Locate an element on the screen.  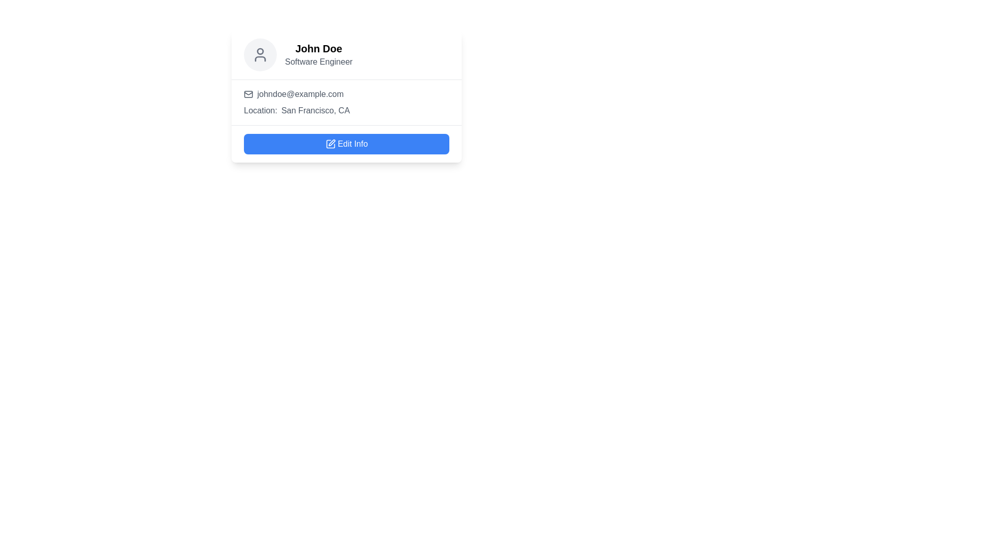
the profile image placeholder icon, which is a circular element positioned to the left of 'John Doe' and 'Software Engineer' in the user information card is located at coordinates (260, 55).